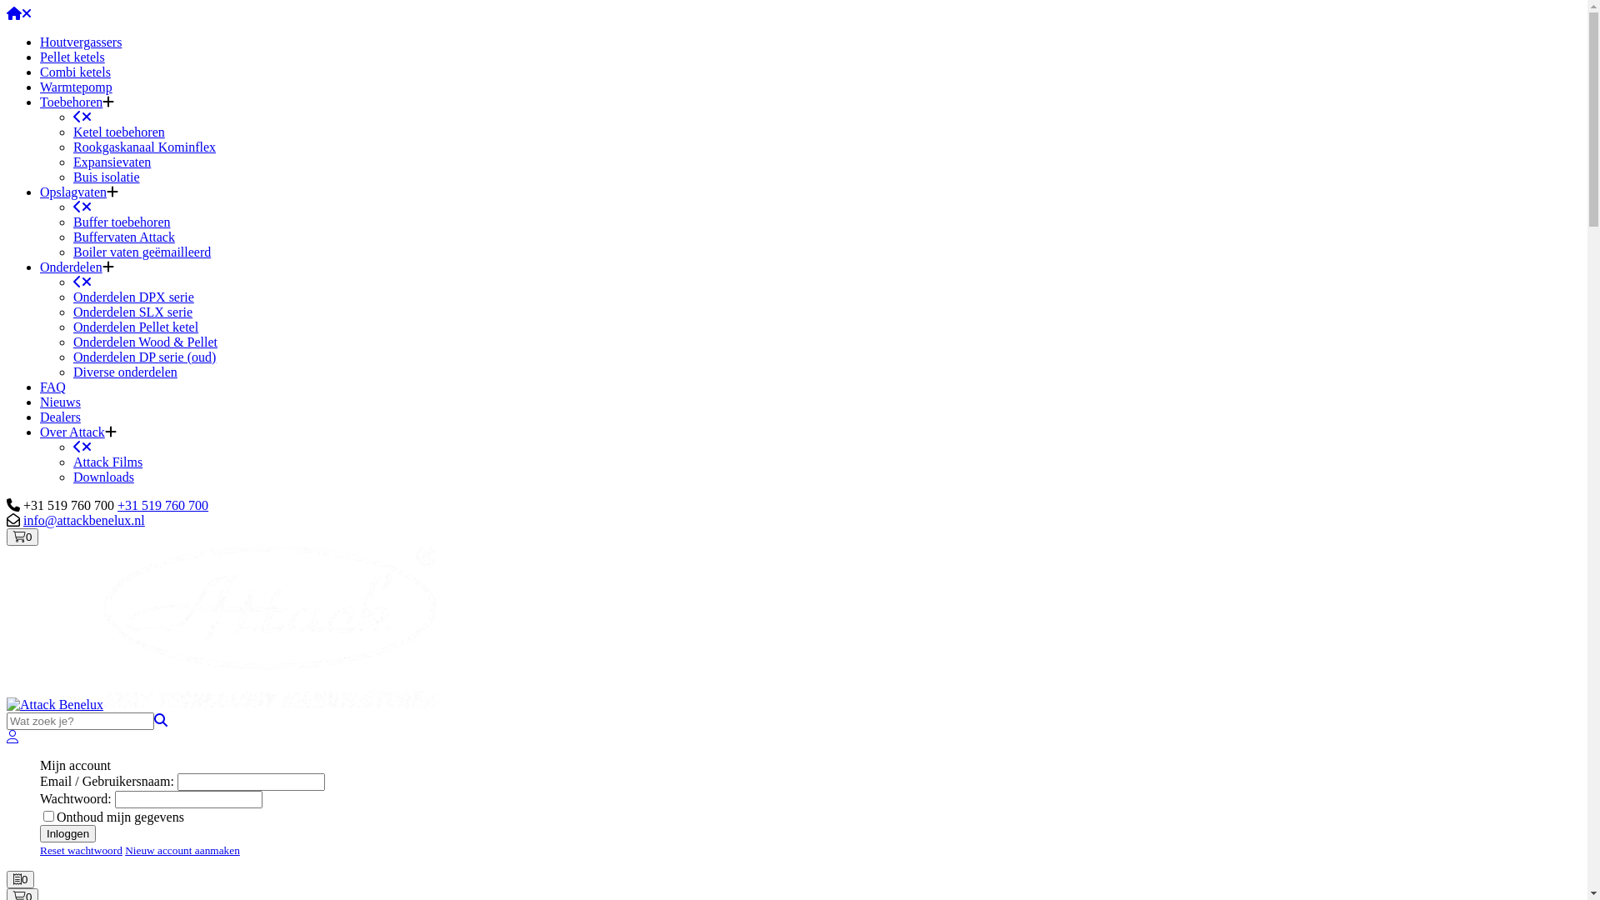 Image resolution: width=1600 pixels, height=900 pixels. Describe the element at coordinates (74, 71) in the screenshot. I see `'Combi ketels'` at that location.